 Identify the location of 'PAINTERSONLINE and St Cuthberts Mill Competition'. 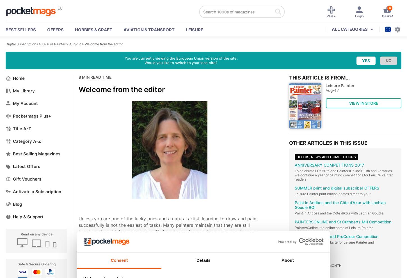
(294, 221).